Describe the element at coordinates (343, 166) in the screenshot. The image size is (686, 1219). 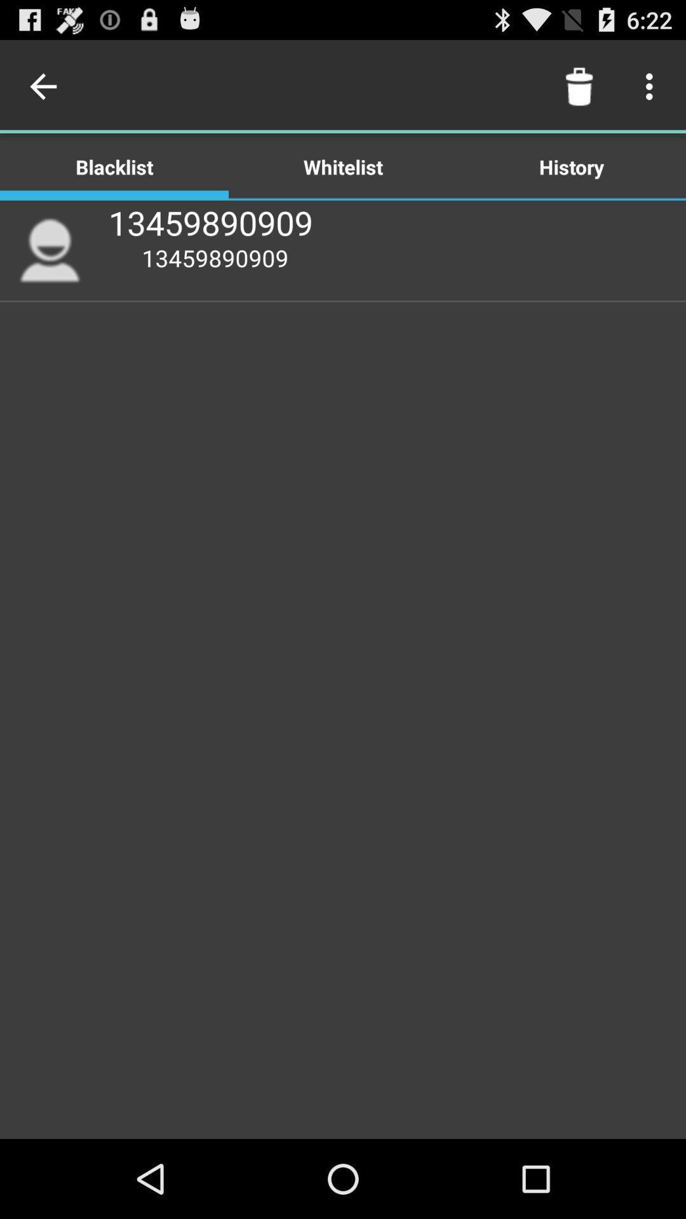
I see `the icon next to blacklist` at that location.